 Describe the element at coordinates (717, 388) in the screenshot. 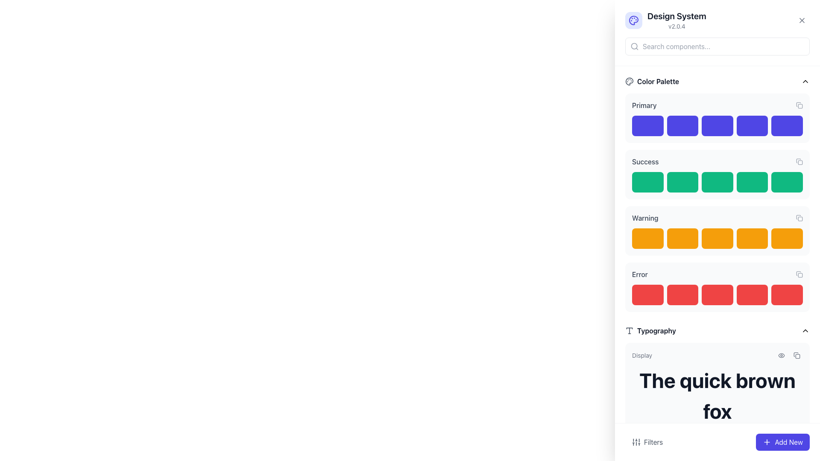

I see `the first Text Display Card in the Typography section that displays the text 'The quick brown fox' to interact with it if it is interactive` at that location.